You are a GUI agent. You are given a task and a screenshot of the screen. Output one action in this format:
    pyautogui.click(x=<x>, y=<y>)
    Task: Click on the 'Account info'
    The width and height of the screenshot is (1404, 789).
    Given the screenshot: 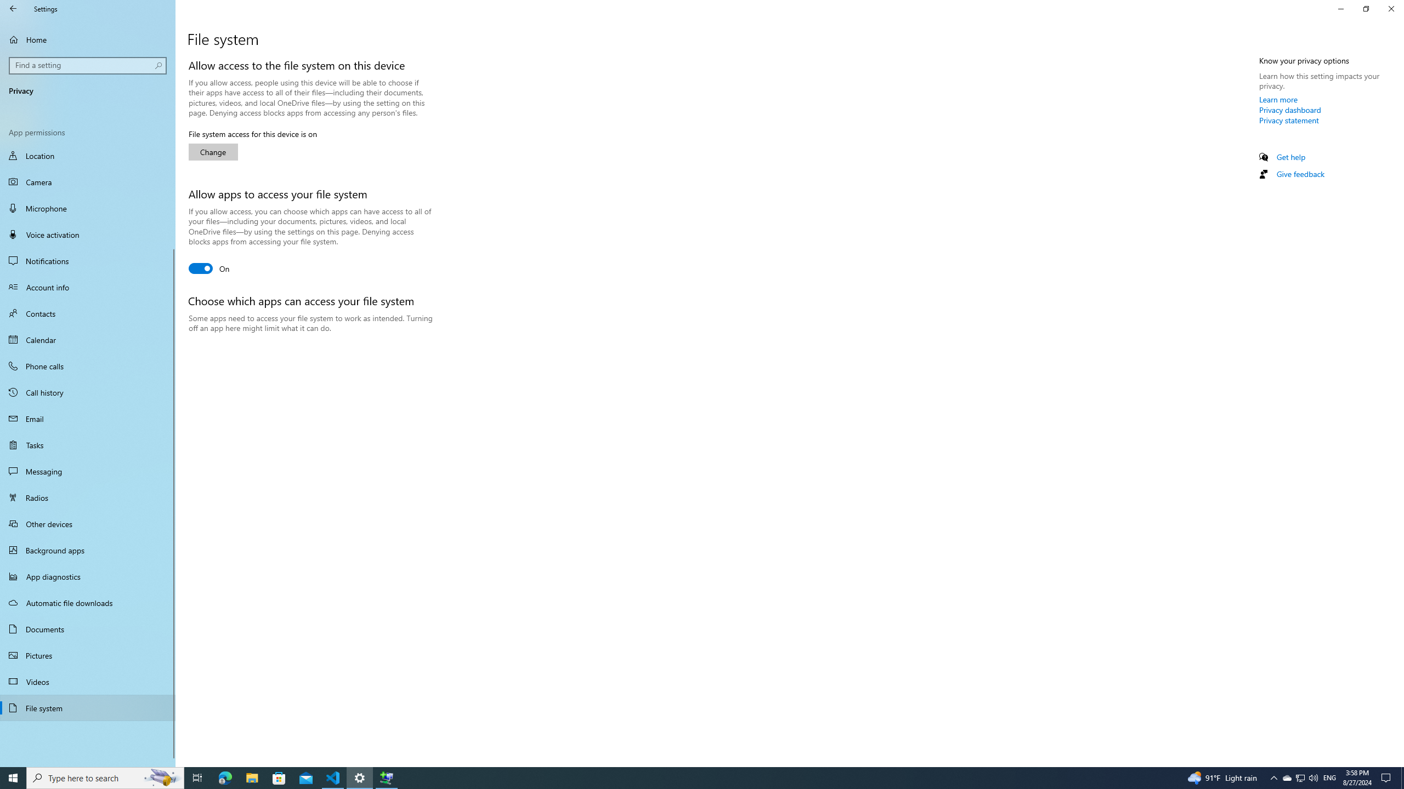 What is the action you would take?
    pyautogui.click(x=87, y=287)
    